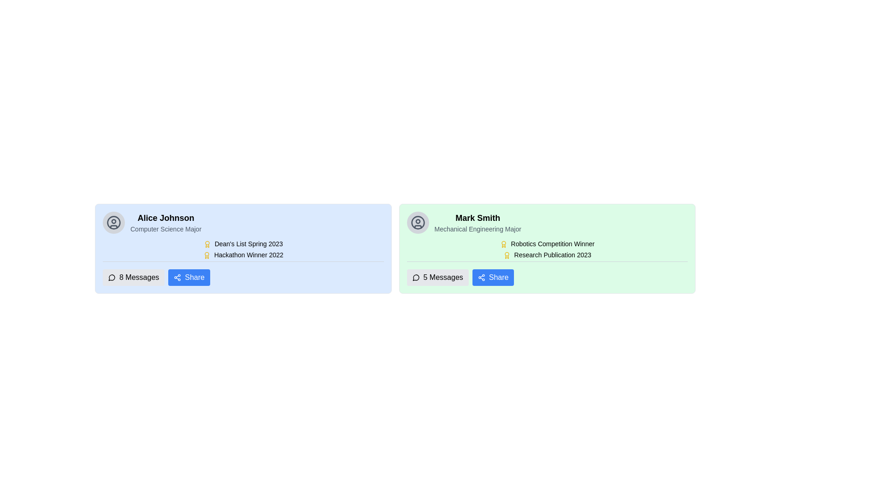  What do you see at coordinates (206, 255) in the screenshot?
I see `the award medal icon located to the left of the 'Hackathon Winner 2022' text in the description block for Alice Johnson` at bounding box center [206, 255].